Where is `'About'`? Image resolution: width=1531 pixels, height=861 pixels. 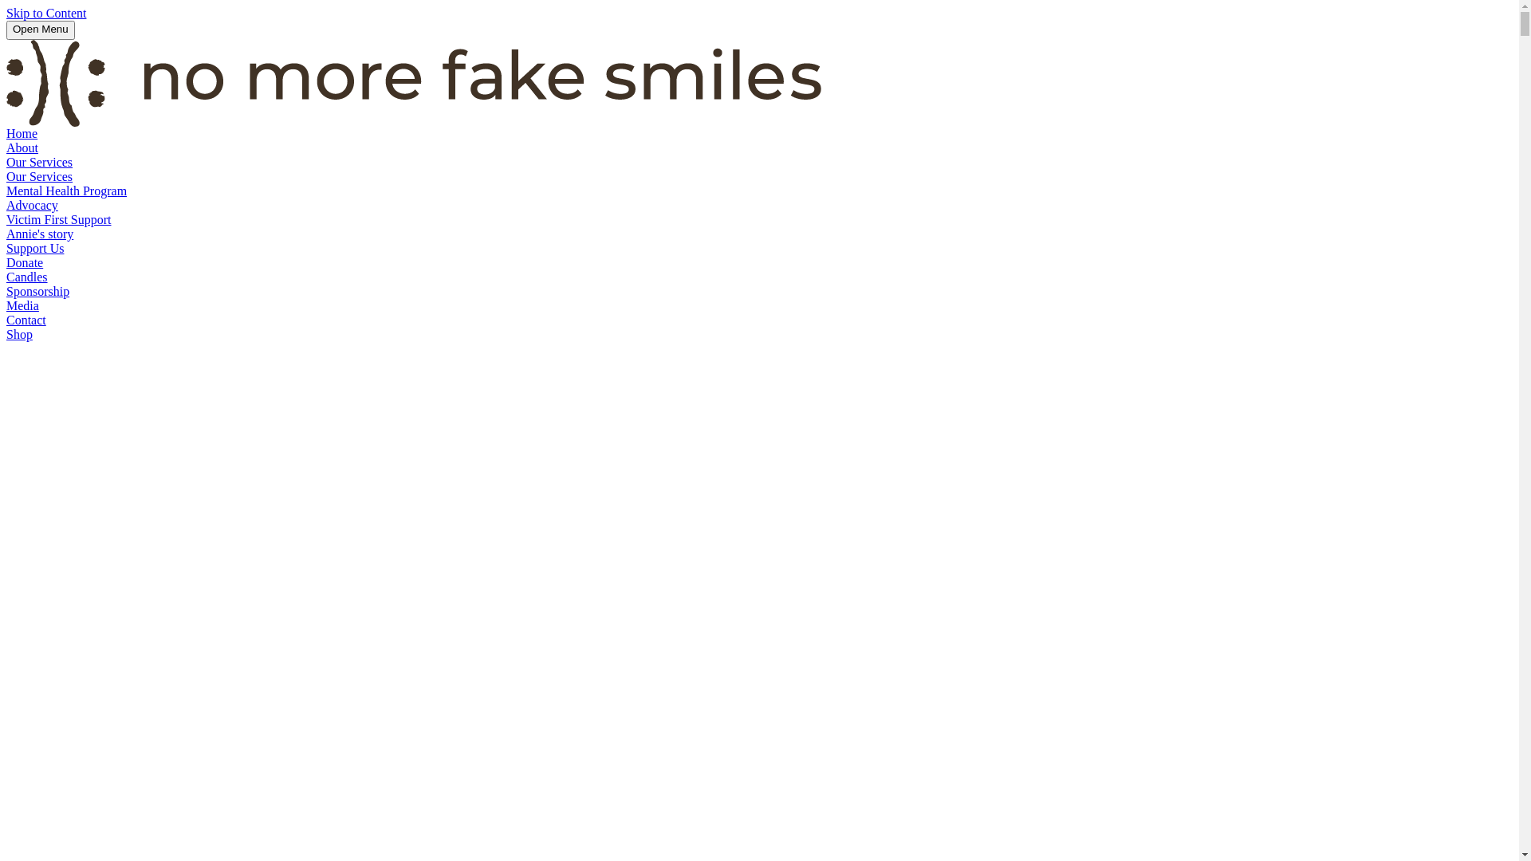 'About' is located at coordinates (6, 147).